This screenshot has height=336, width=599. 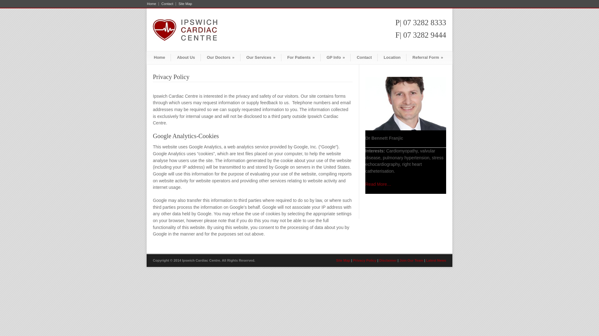 What do you see at coordinates (364, 58) in the screenshot?
I see `'Contact'` at bounding box center [364, 58].